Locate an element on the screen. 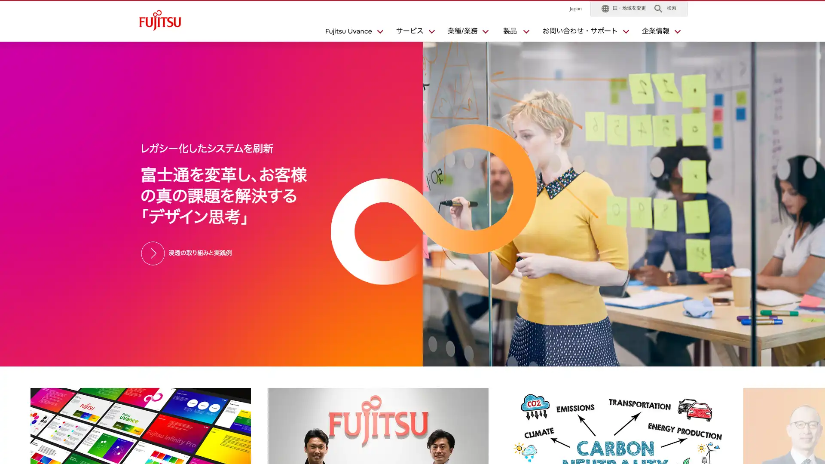 This screenshot has width=825, height=464. / is located at coordinates (464, 33).